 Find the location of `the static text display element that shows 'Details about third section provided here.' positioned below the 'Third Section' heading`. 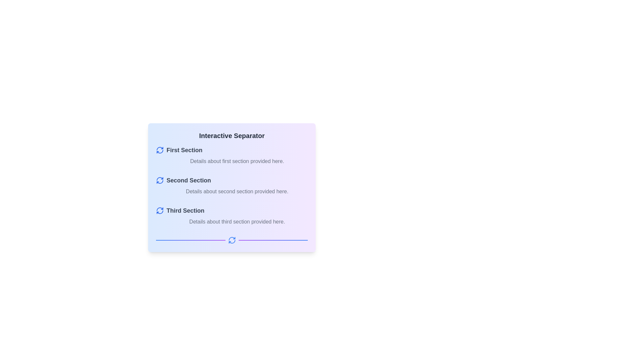

the static text display element that shows 'Details about third section provided here.' positioned below the 'Third Section' heading is located at coordinates (237, 222).